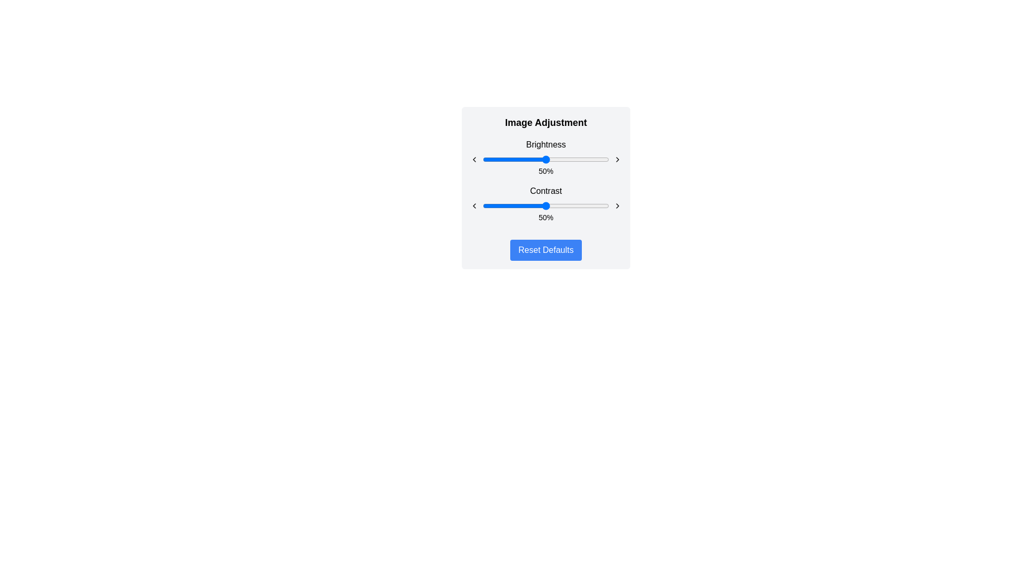 The height and width of the screenshot is (569, 1011). What do you see at coordinates (576, 160) in the screenshot?
I see `brightness` at bounding box center [576, 160].